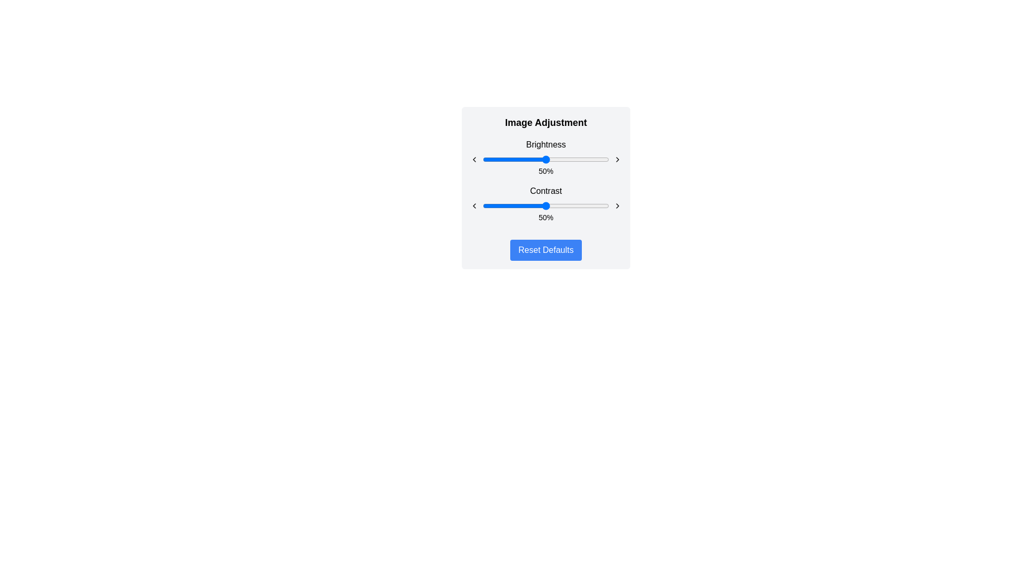 The height and width of the screenshot is (569, 1011). What do you see at coordinates (576, 160) in the screenshot?
I see `brightness` at bounding box center [576, 160].